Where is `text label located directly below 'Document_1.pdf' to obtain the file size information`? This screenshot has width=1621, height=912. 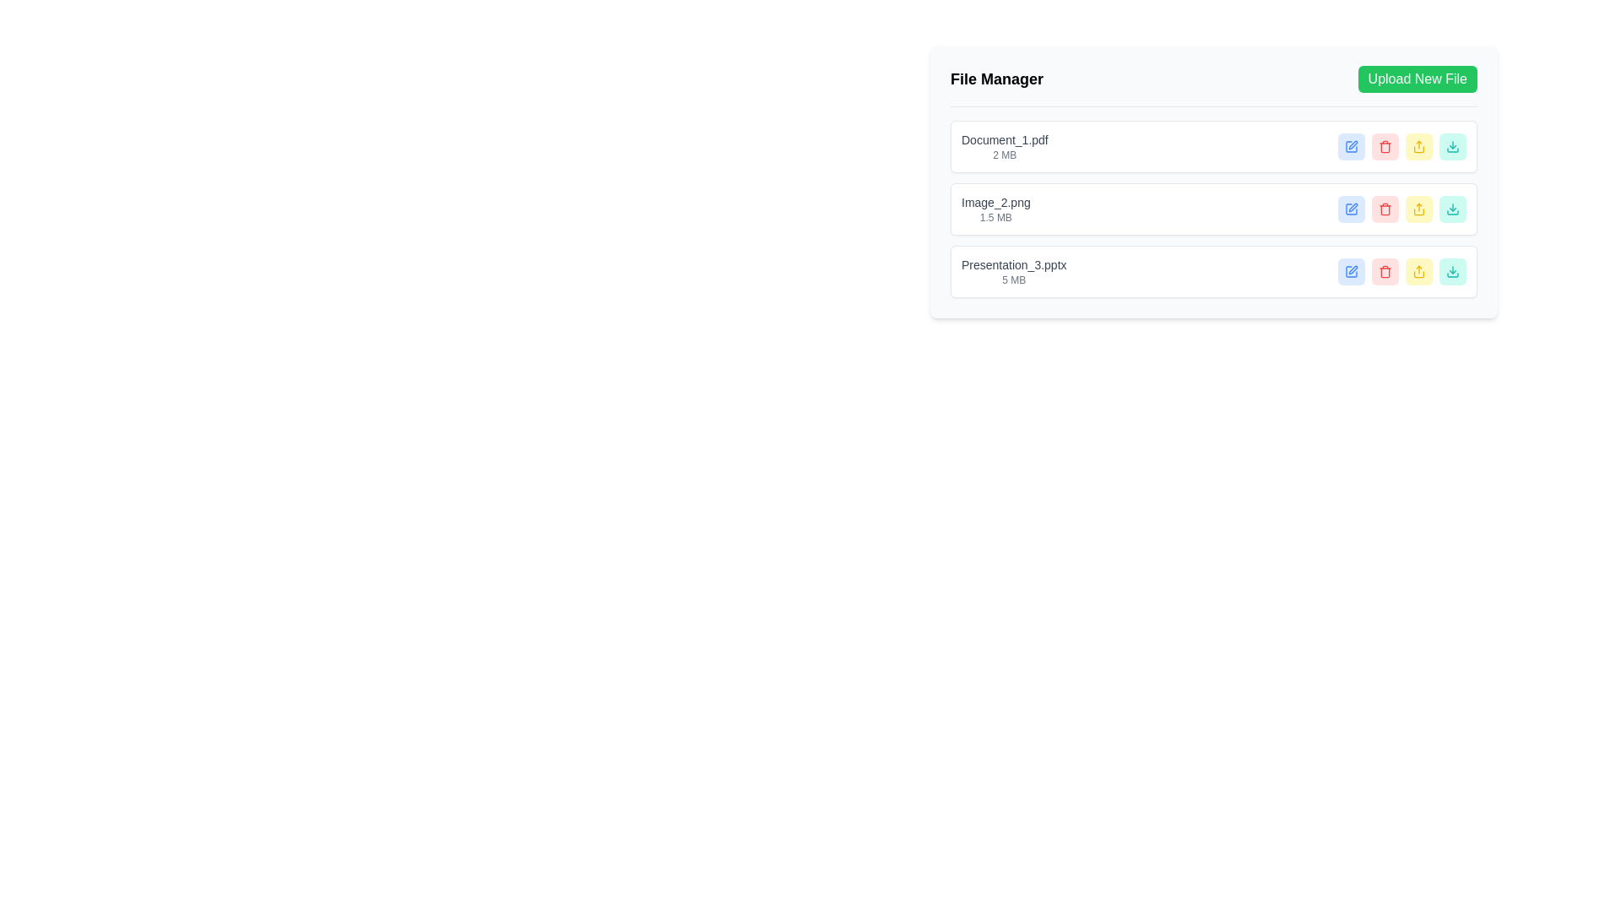 text label located directly below 'Document_1.pdf' to obtain the file size information is located at coordinates (1005, 155).